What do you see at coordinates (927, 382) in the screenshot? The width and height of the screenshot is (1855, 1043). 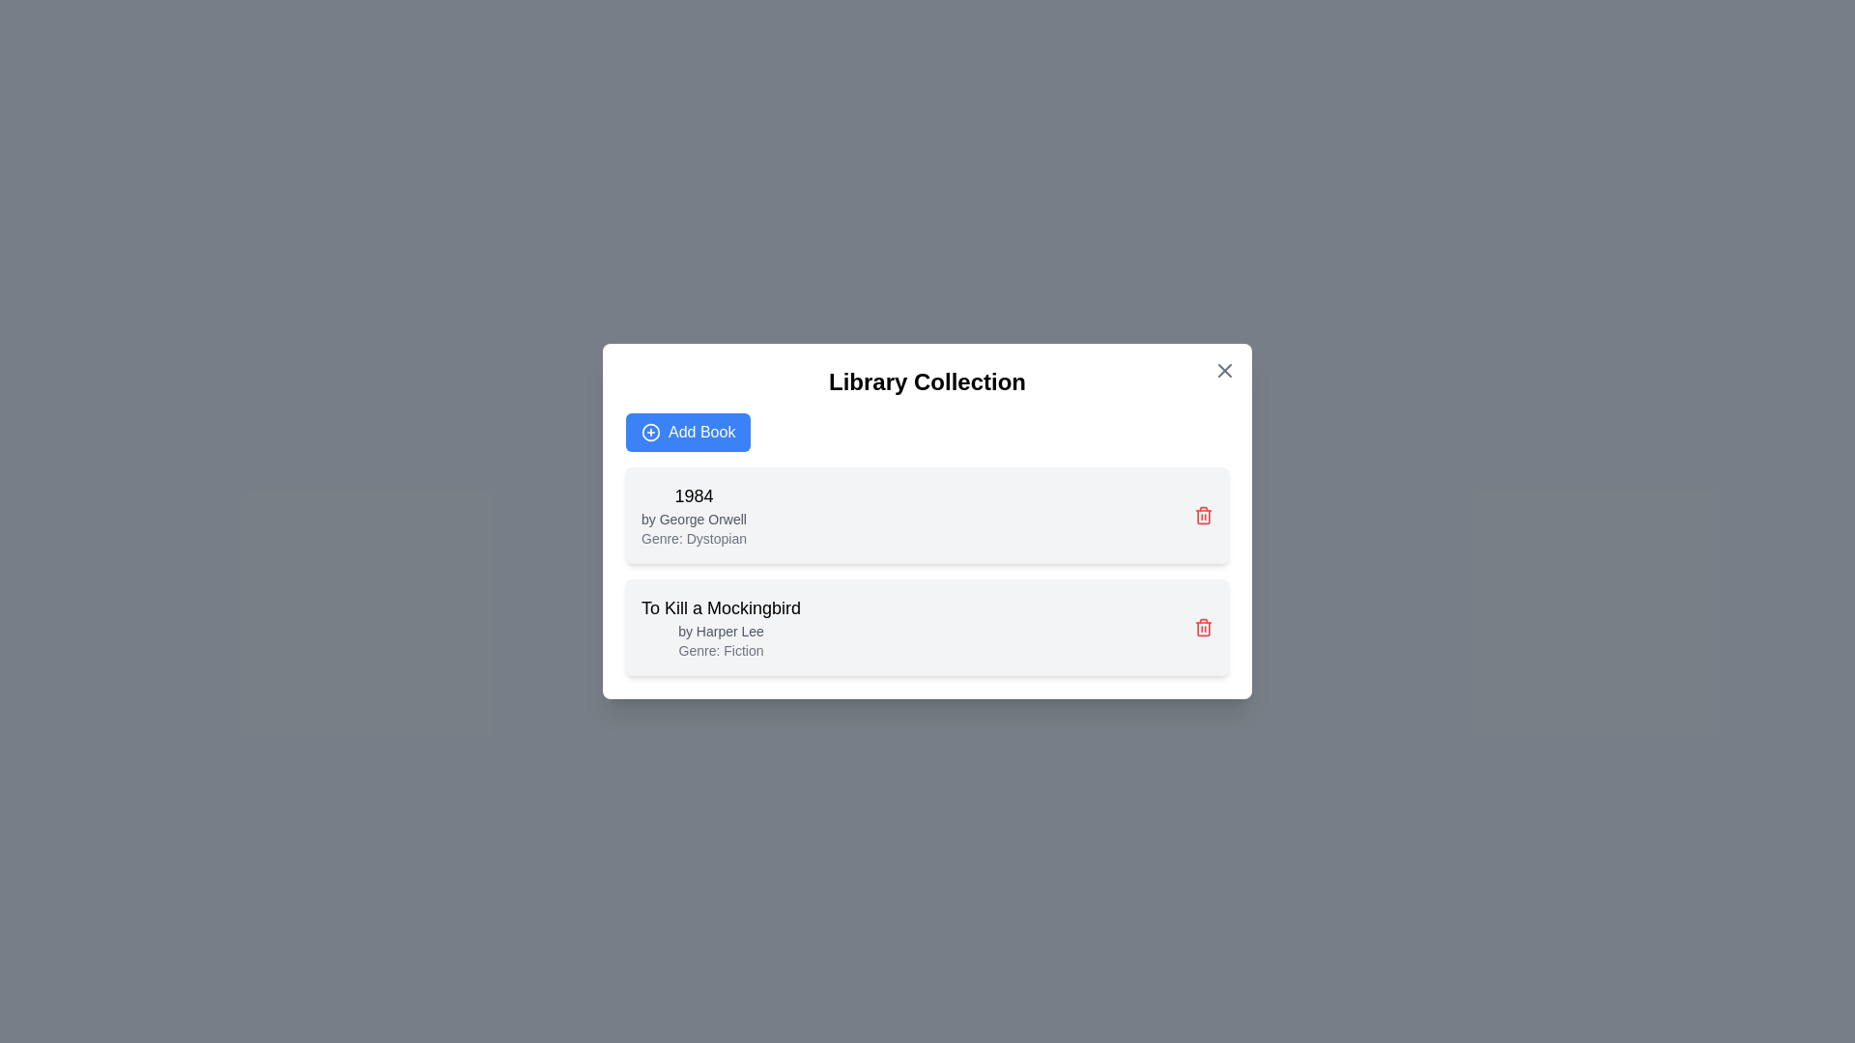 I see `the title or header text element located in the card's header section, which is centered horizontally and positioned above the 'Add Book' button` at bounding box center [927, 382].